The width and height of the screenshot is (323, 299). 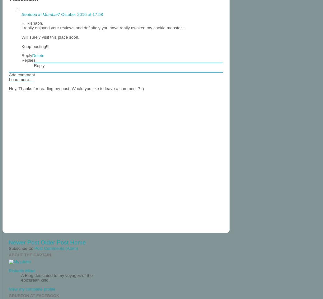 I want to click on 'Replies', so click(x=28, y=60).